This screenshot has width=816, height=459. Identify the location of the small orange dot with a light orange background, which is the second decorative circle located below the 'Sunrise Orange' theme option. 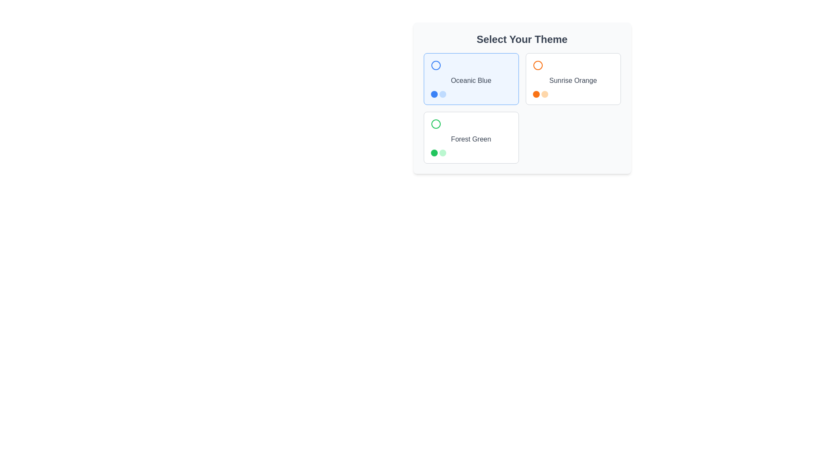
(544, 94).